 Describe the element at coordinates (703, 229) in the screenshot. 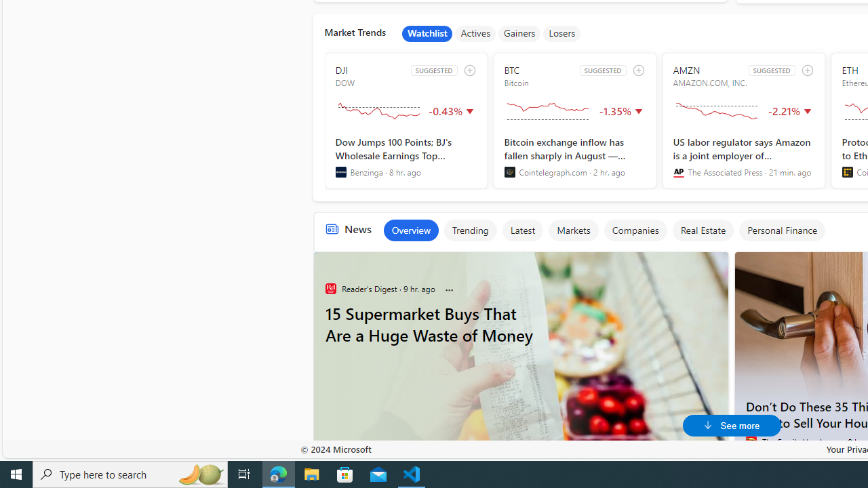

I see `'Real Estate'` at that location.